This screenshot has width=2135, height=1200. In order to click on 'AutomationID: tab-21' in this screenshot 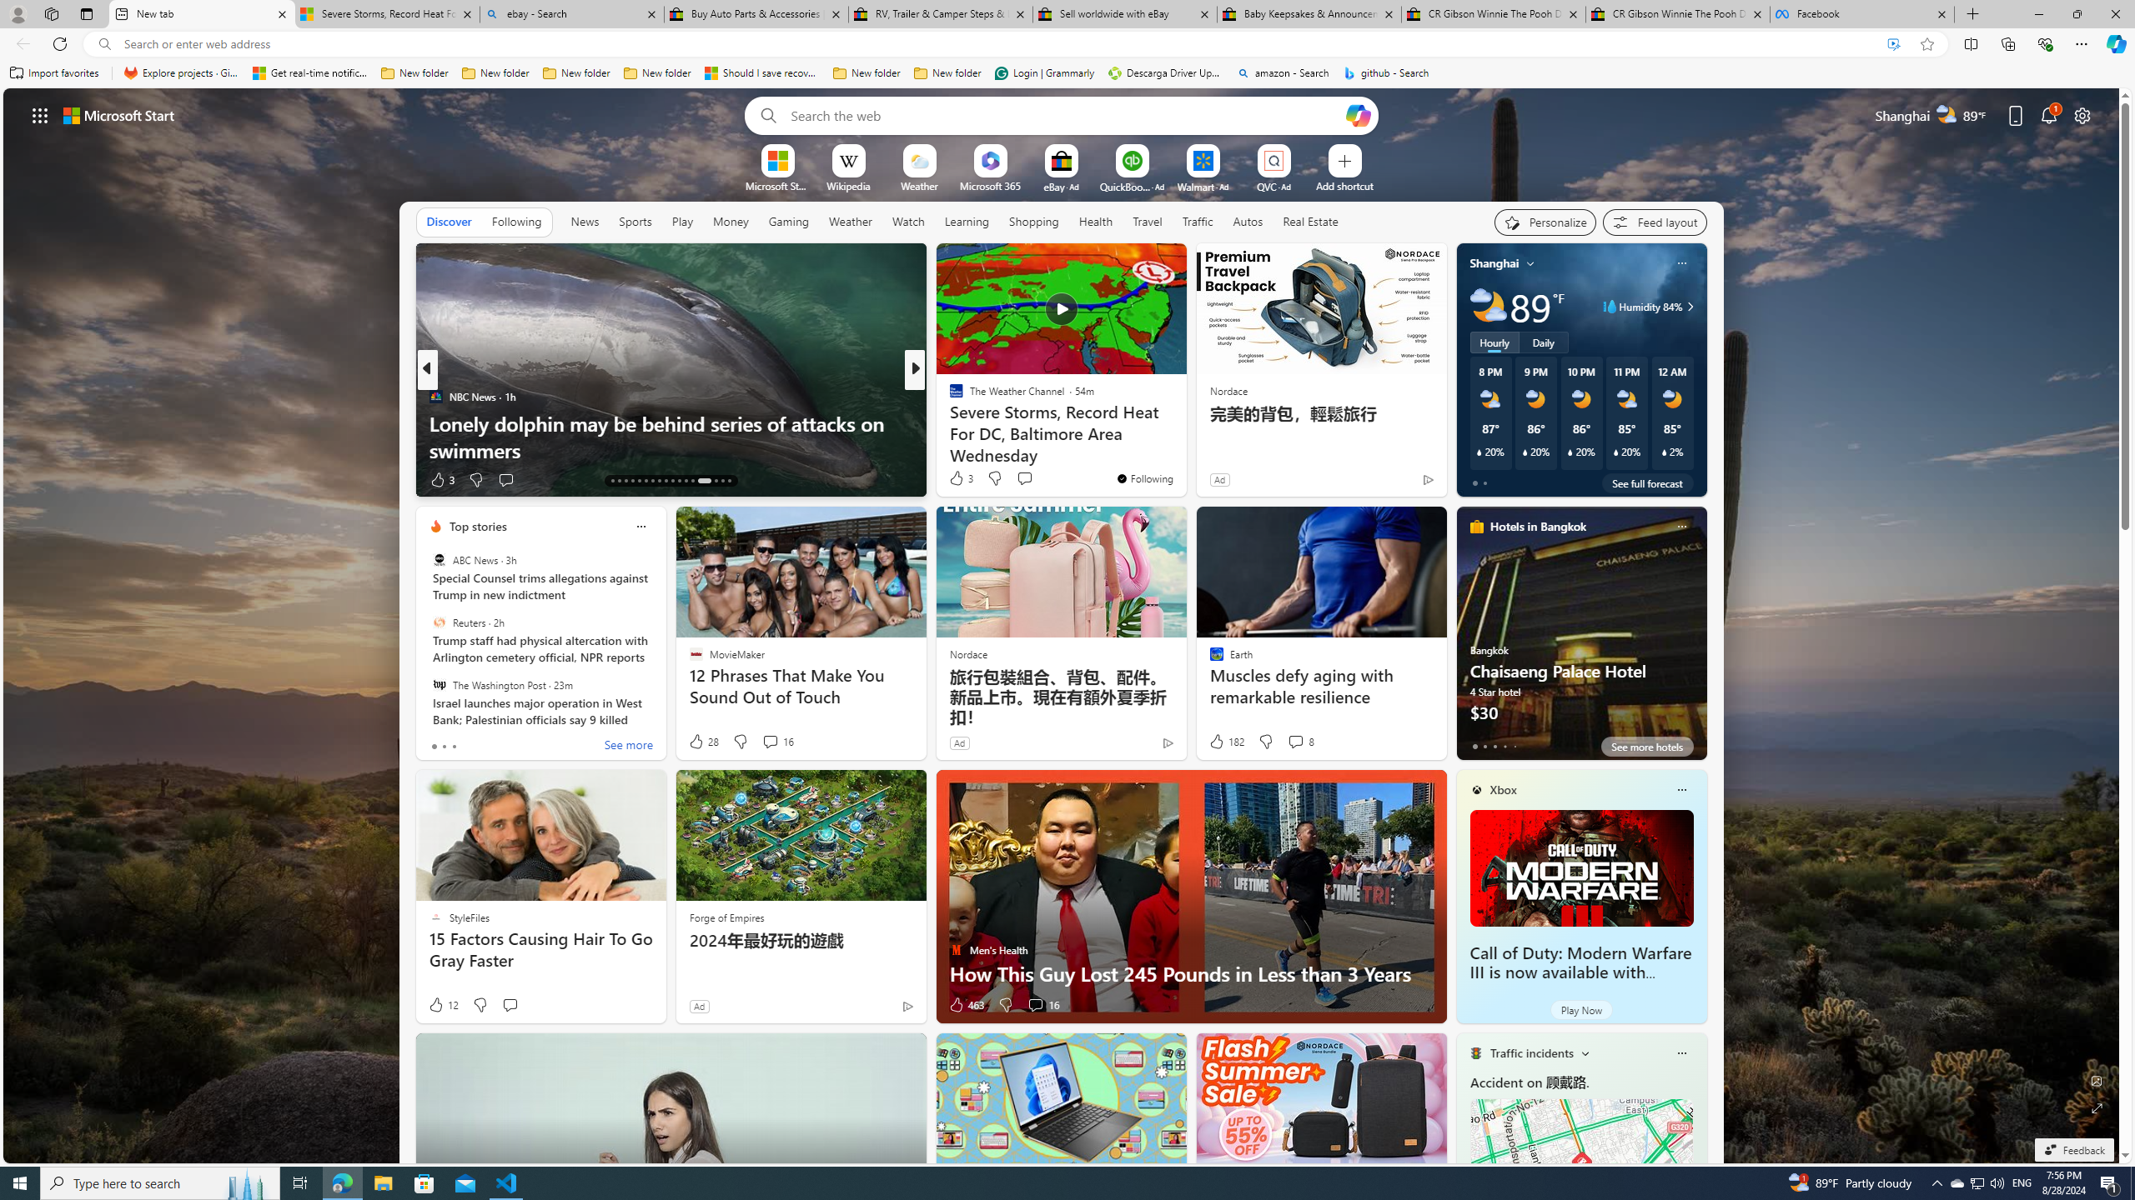, I will do `click(666, 481)`.